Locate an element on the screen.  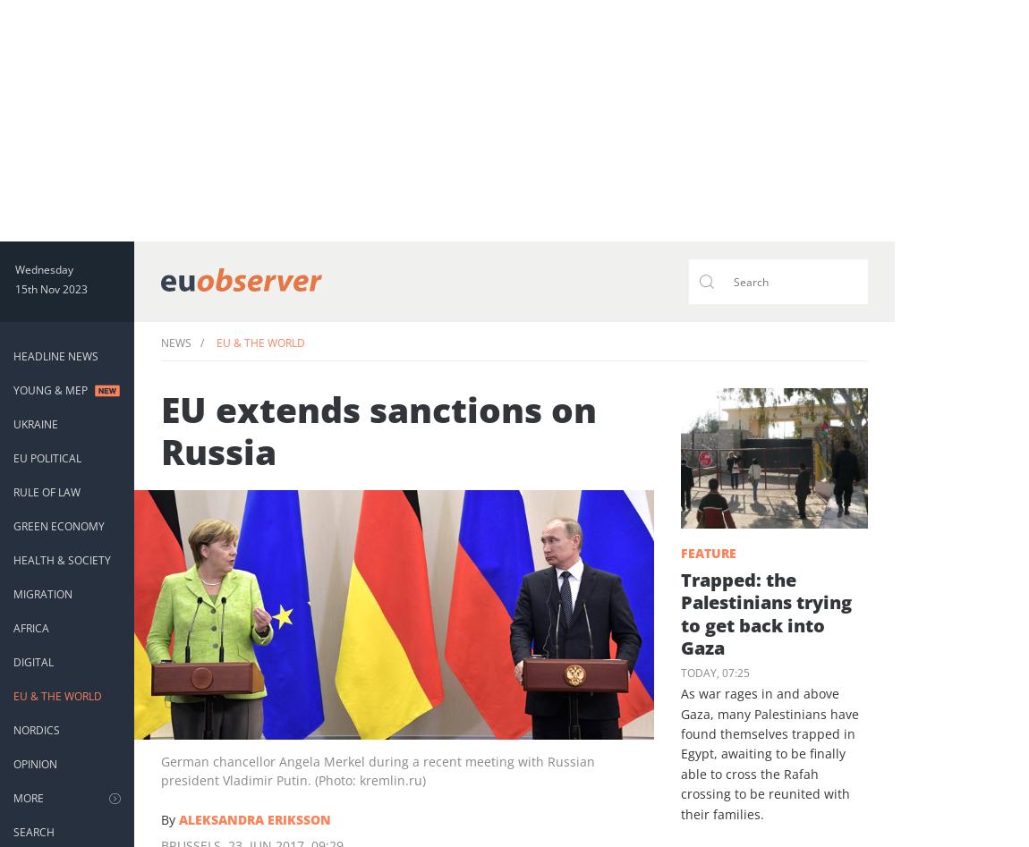
'Africa' is located at coordinates (12, 627).